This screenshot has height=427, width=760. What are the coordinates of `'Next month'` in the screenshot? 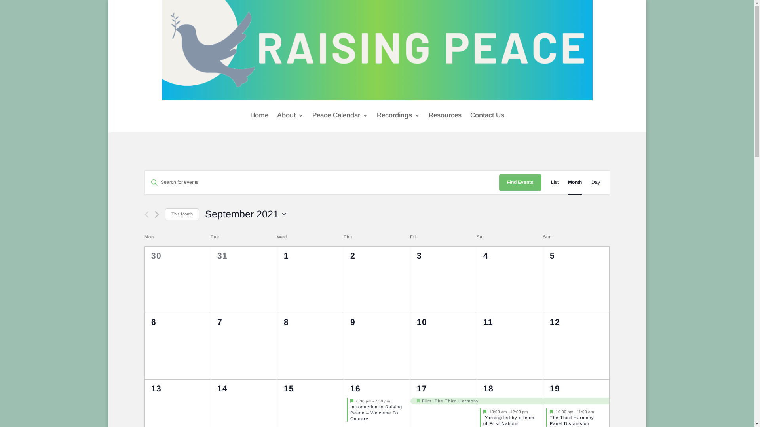 It's located at (156, 214).